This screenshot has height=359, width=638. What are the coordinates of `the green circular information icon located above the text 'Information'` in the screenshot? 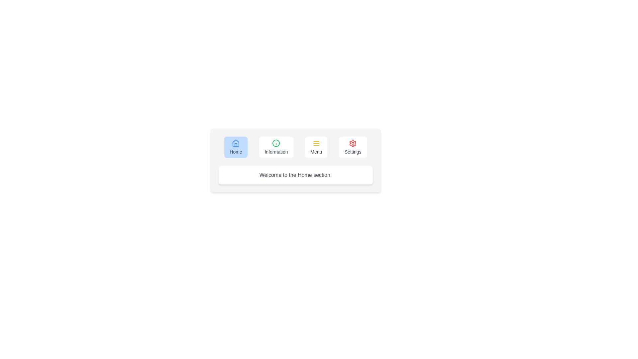 It's located at (276, 143).